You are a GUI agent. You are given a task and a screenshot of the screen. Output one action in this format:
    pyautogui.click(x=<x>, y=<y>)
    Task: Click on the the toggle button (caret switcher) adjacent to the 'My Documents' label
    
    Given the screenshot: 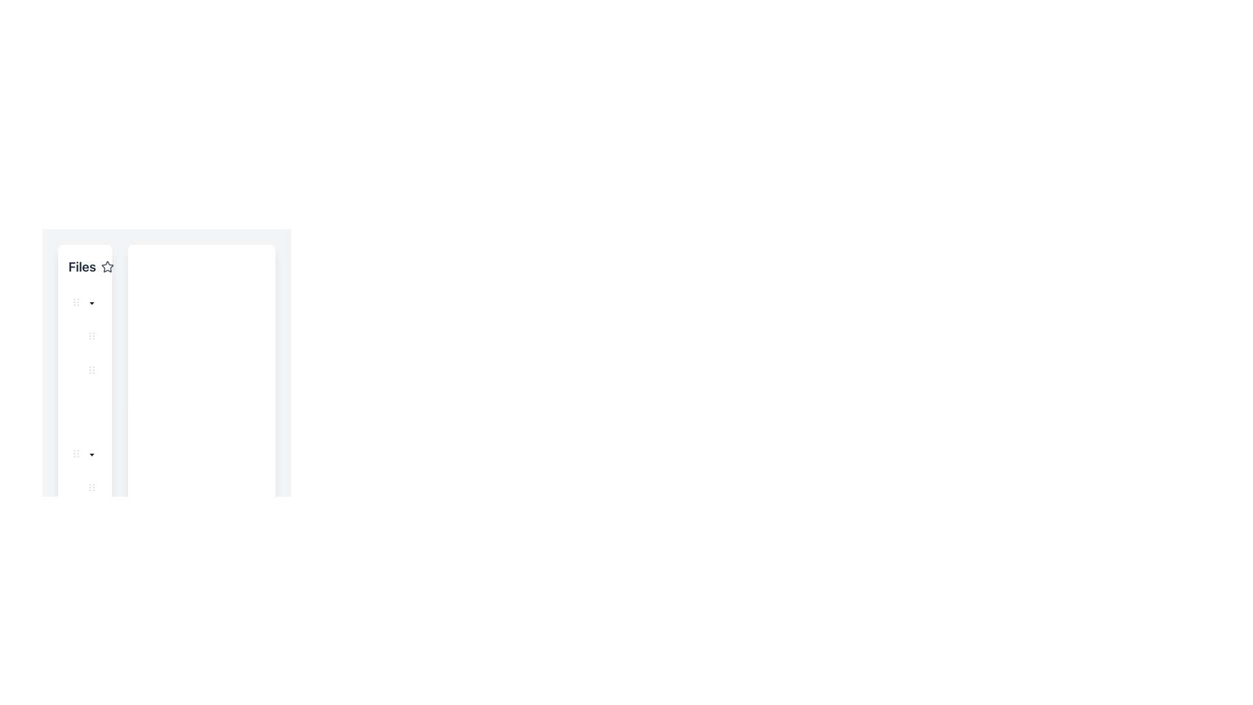 What is the action you would take?
    pyautogui.click(x=91, y=309)
    